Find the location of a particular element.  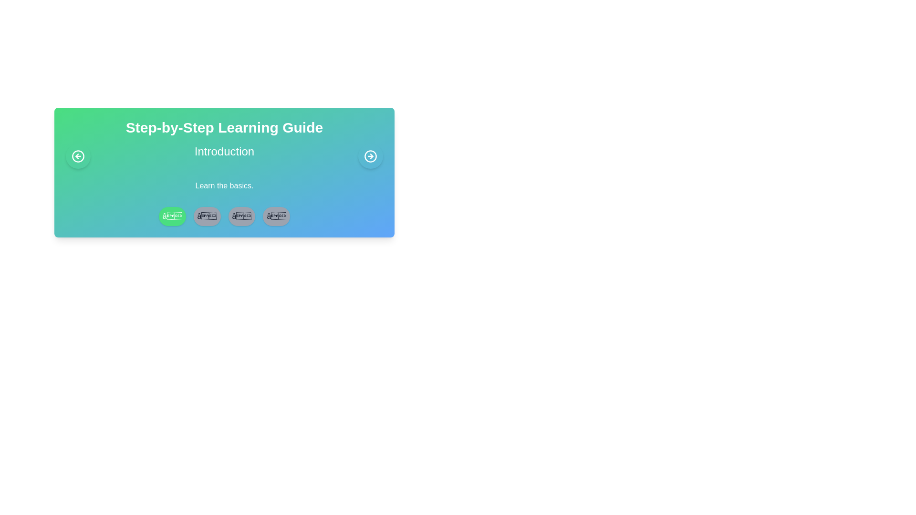

the informational Text label located at the center of the card-like structure, positioned below the header 'Introduction' and above a row of circular icons is located at coordinates (224, 185).